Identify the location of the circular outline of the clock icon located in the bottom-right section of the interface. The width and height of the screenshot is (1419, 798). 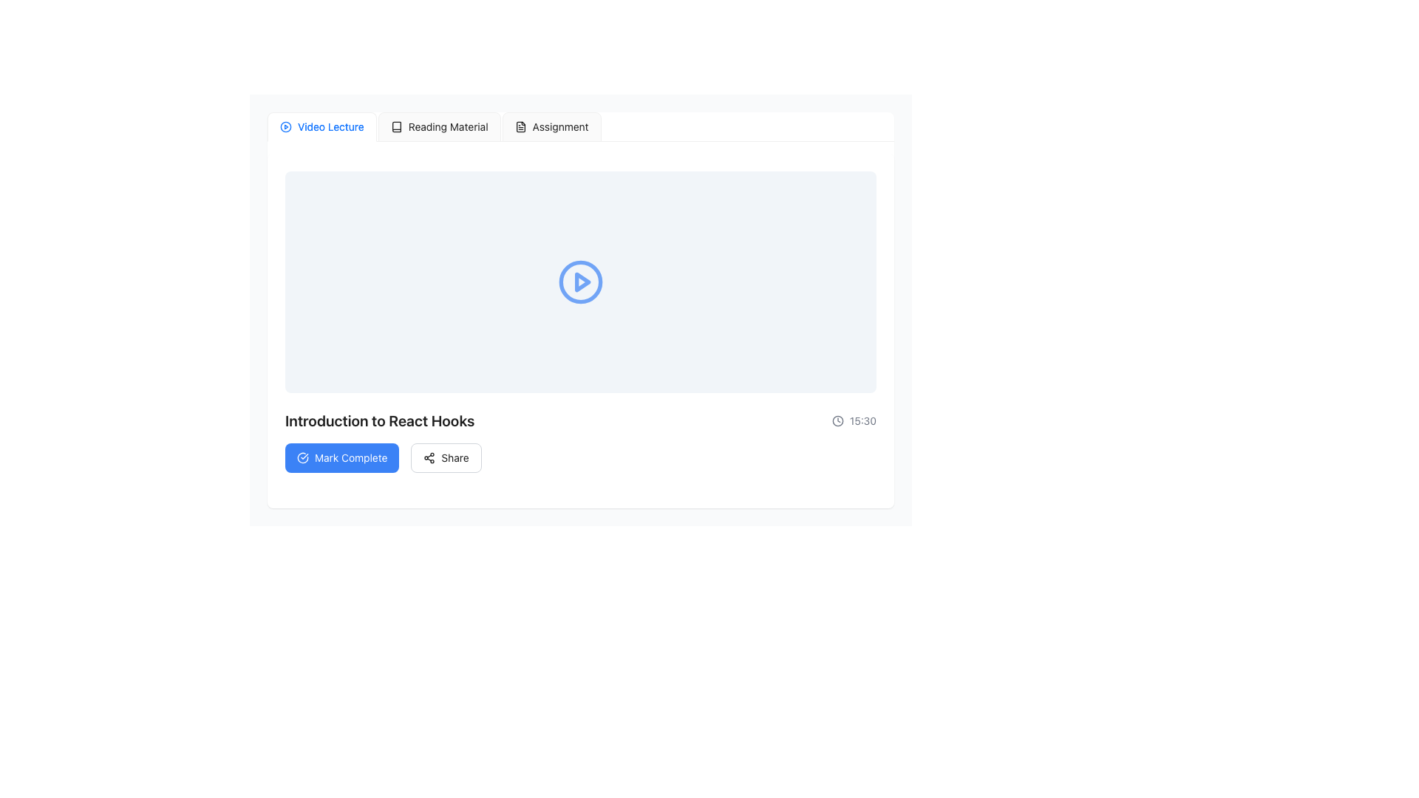
(837, 421).